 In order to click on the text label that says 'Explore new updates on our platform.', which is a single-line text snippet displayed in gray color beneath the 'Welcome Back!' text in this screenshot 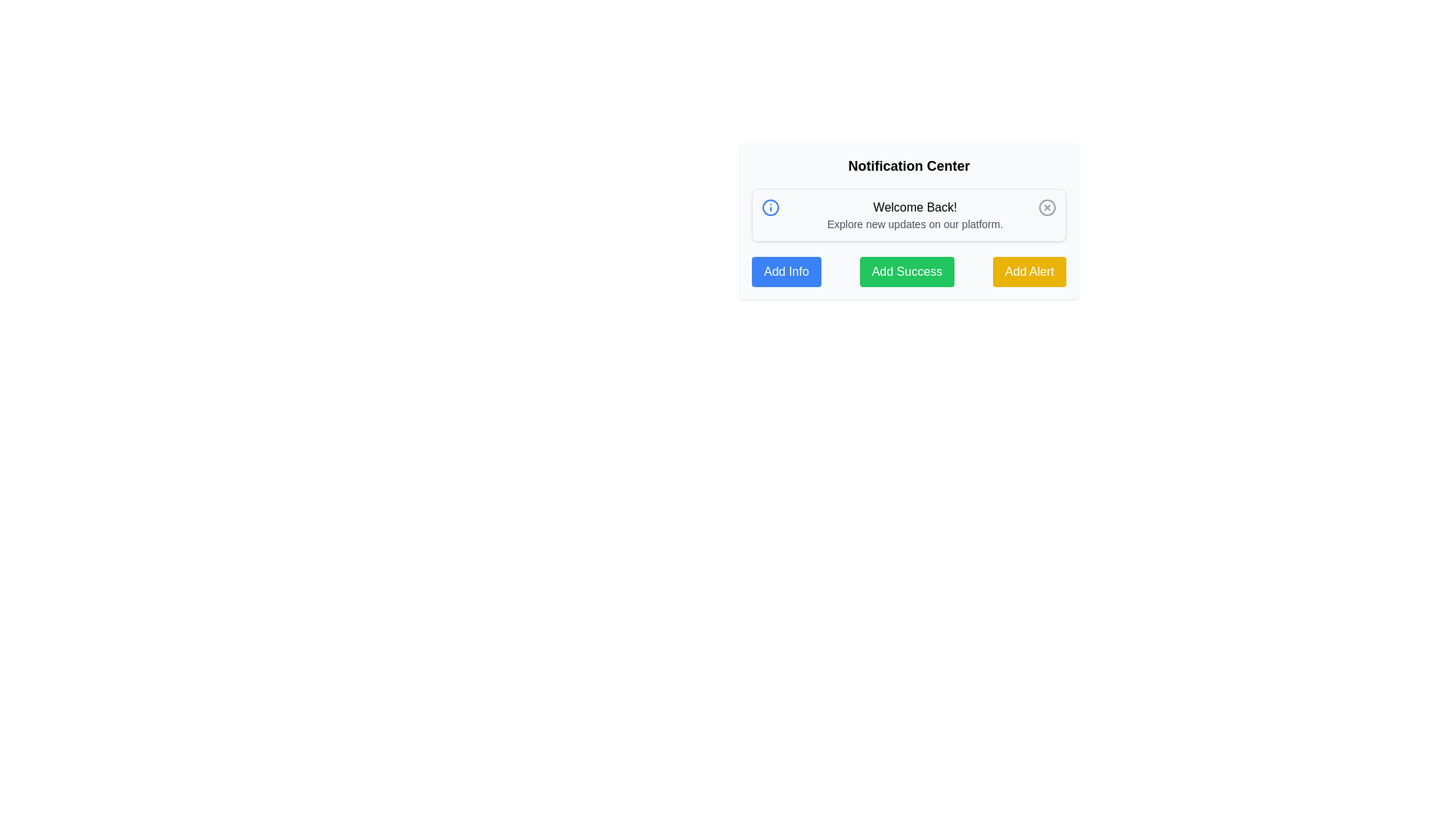, I will do `click(914, 224)`.